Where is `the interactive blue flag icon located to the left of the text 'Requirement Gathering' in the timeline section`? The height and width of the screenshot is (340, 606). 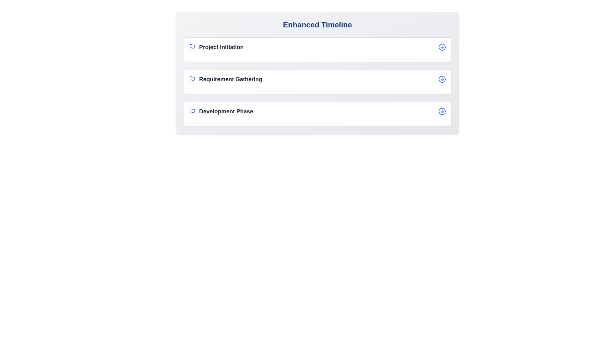
the interactive blue flag icon located to the left of the text 'Requirement Gathering' in the timeline section is located at coordinates (192, 78).